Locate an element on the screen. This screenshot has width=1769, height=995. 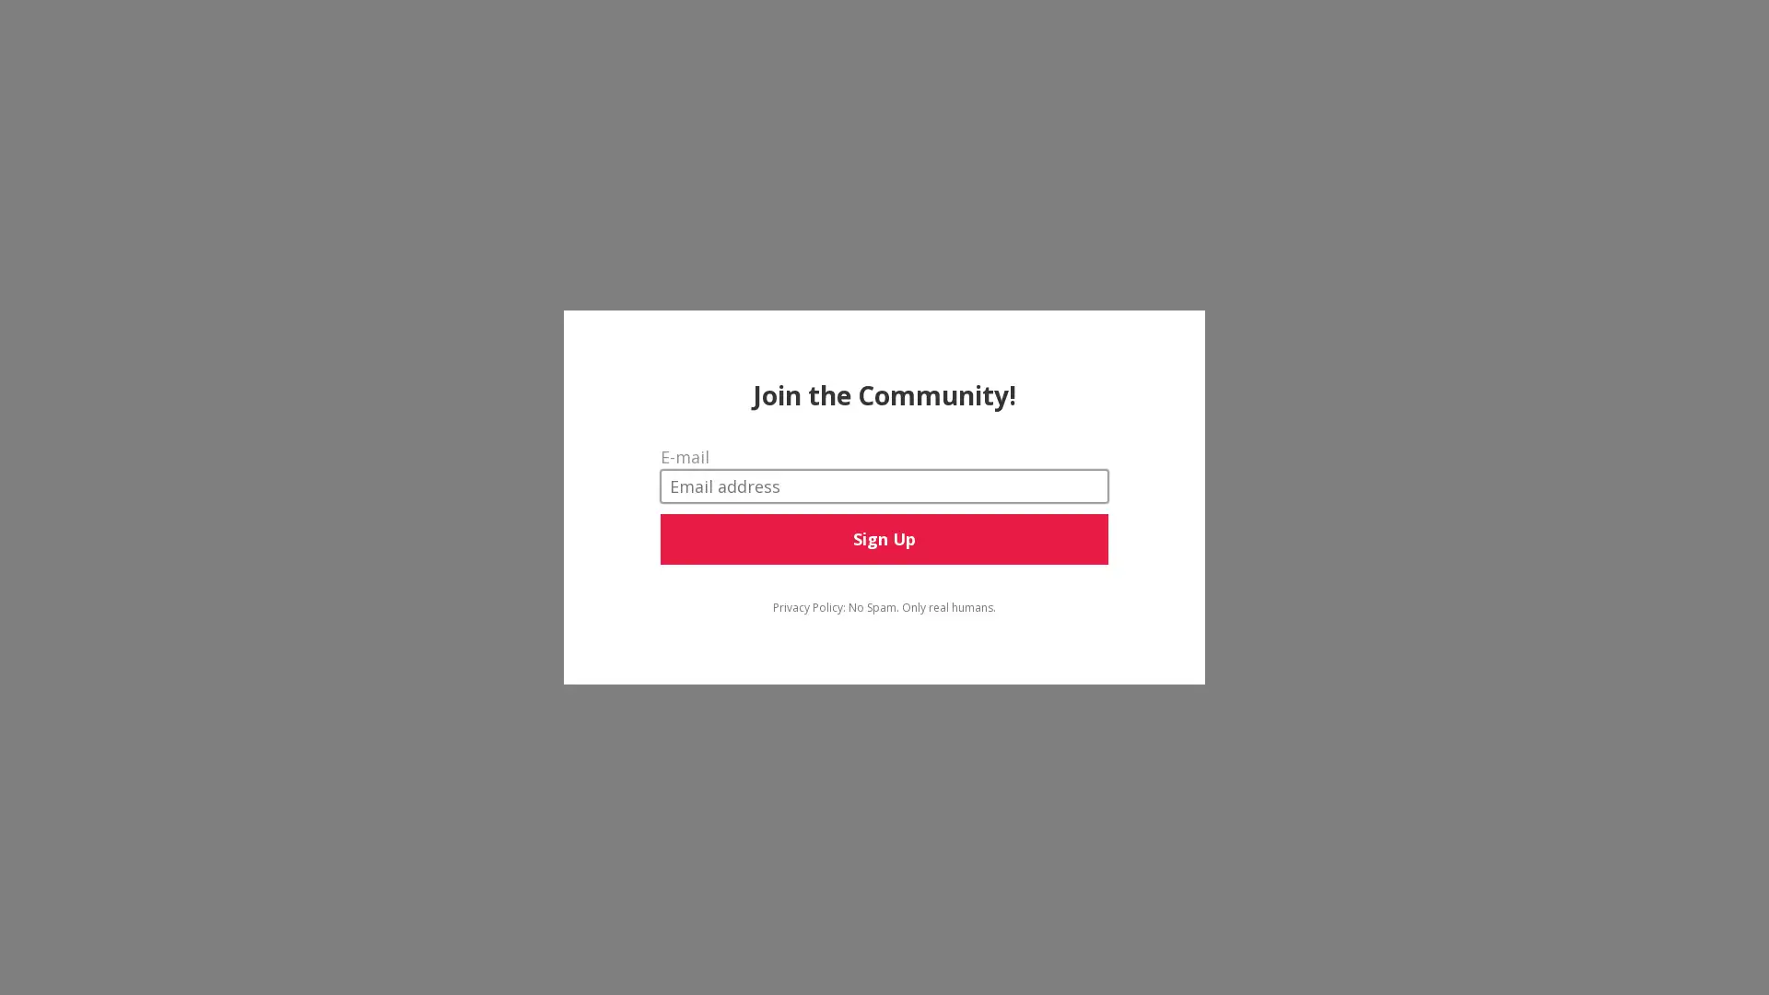
Sign Up is located at coordinates (883, 539).